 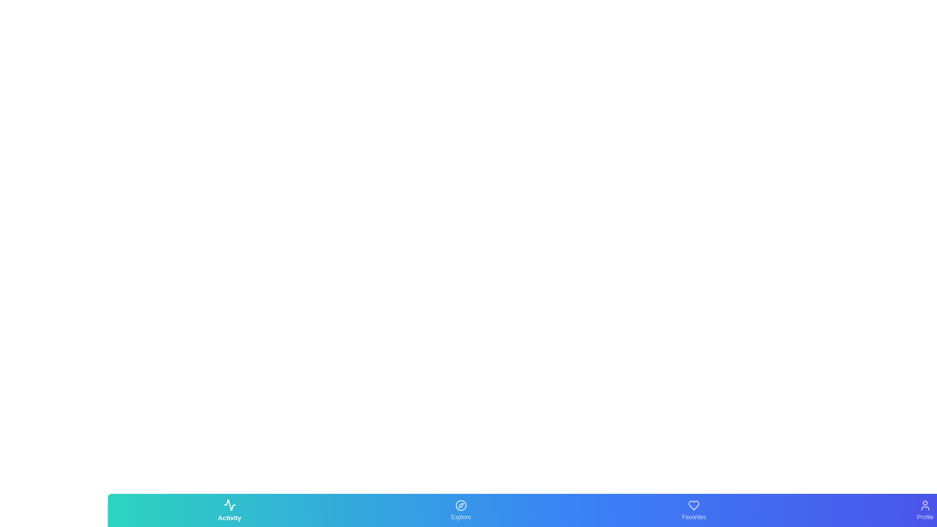 What do you see at coordinates (693, 509) in the screenshot?
I see `the Favorites tab by clicking on its corresponding button` at bounding box center [693, 509].